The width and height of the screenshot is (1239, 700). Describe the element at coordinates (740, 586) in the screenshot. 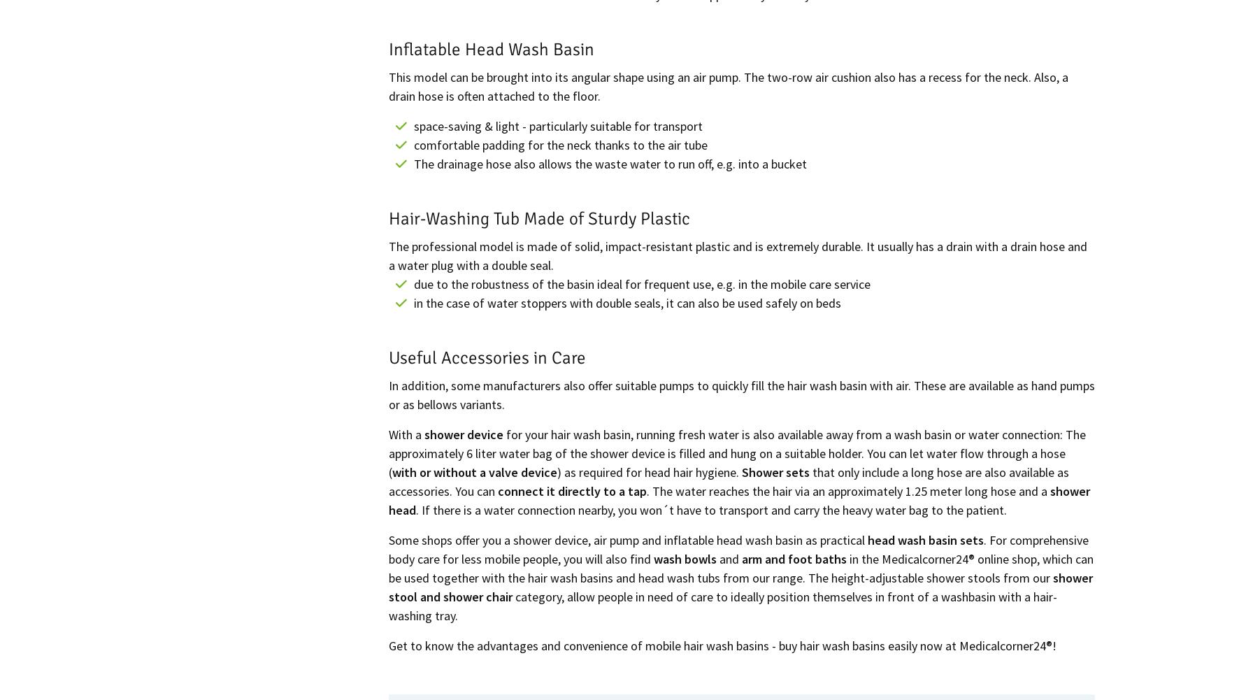

I see `'shower stool and shower chair'` at that location.